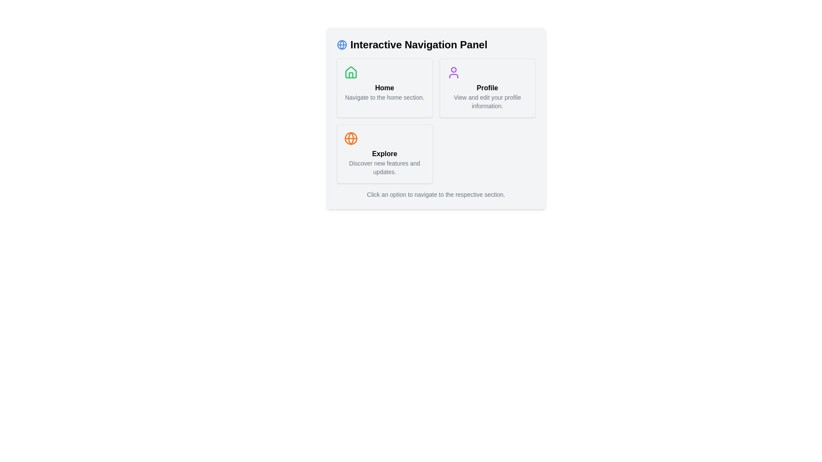 The height and width of the screenshot is (462, 822). Describe the element at coordinates (341, 44) in the screenshot. I see `the globe decorative icon located to the left of the 'Interactive Navigation Panel' text` at that location.